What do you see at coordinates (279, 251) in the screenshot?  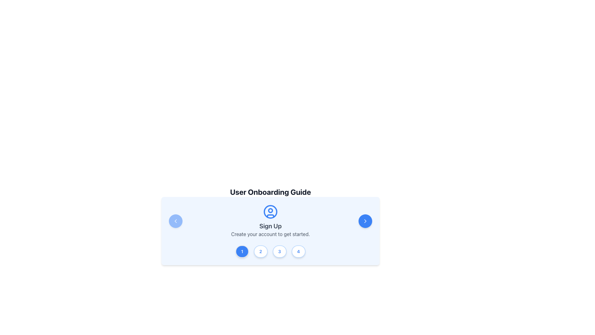 I see `the navigational button labeled '3' located at the center-bottom of the interface` at bounding box center [279, 251].